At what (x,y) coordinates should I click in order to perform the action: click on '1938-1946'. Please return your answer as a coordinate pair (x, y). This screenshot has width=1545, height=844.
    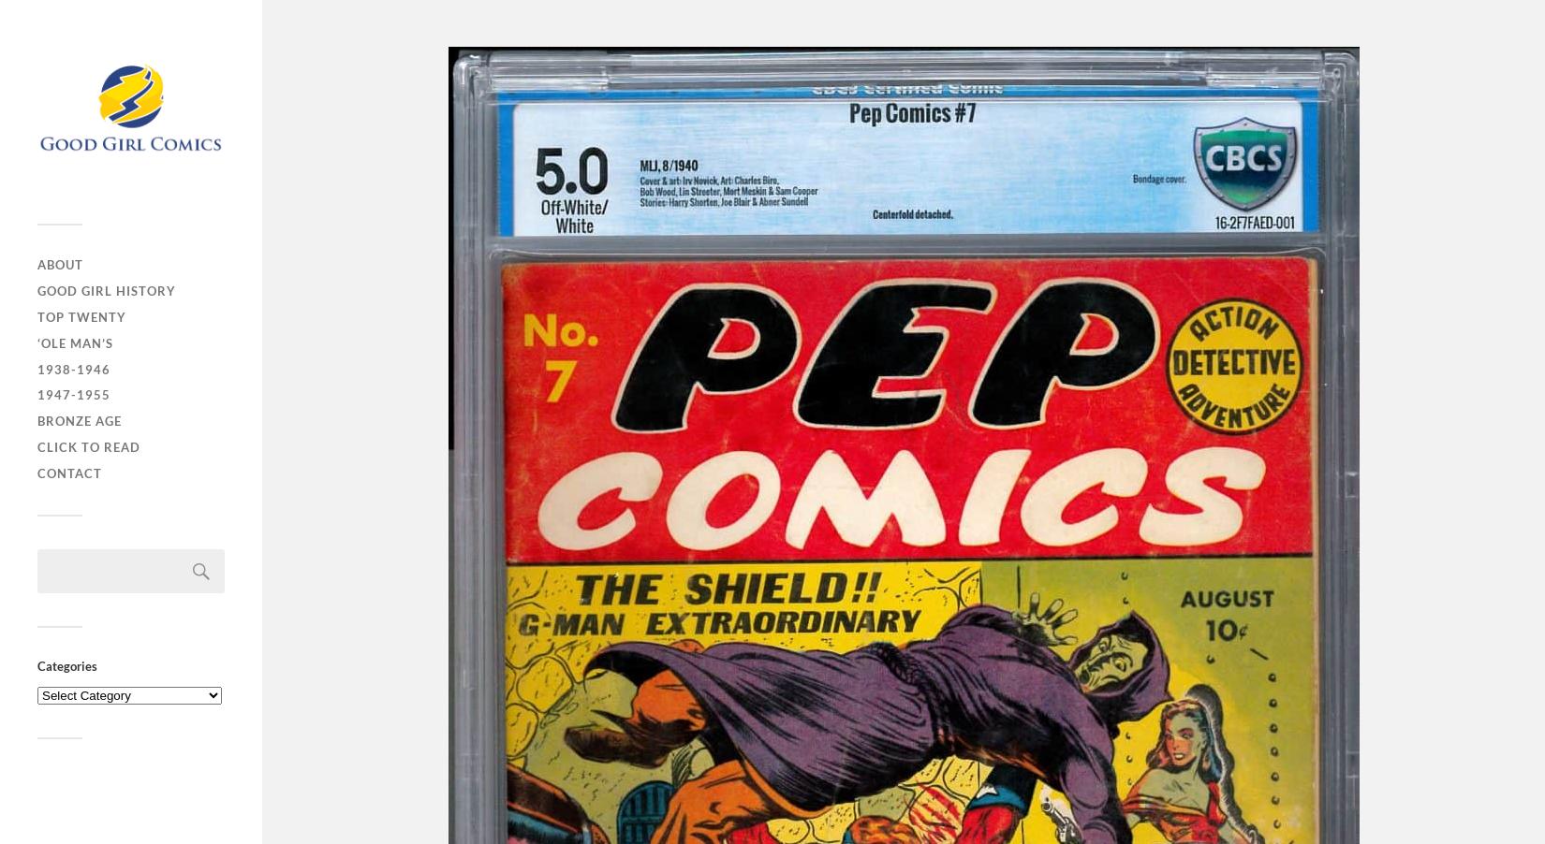
    Looking at the image, I should click on (74, 368).